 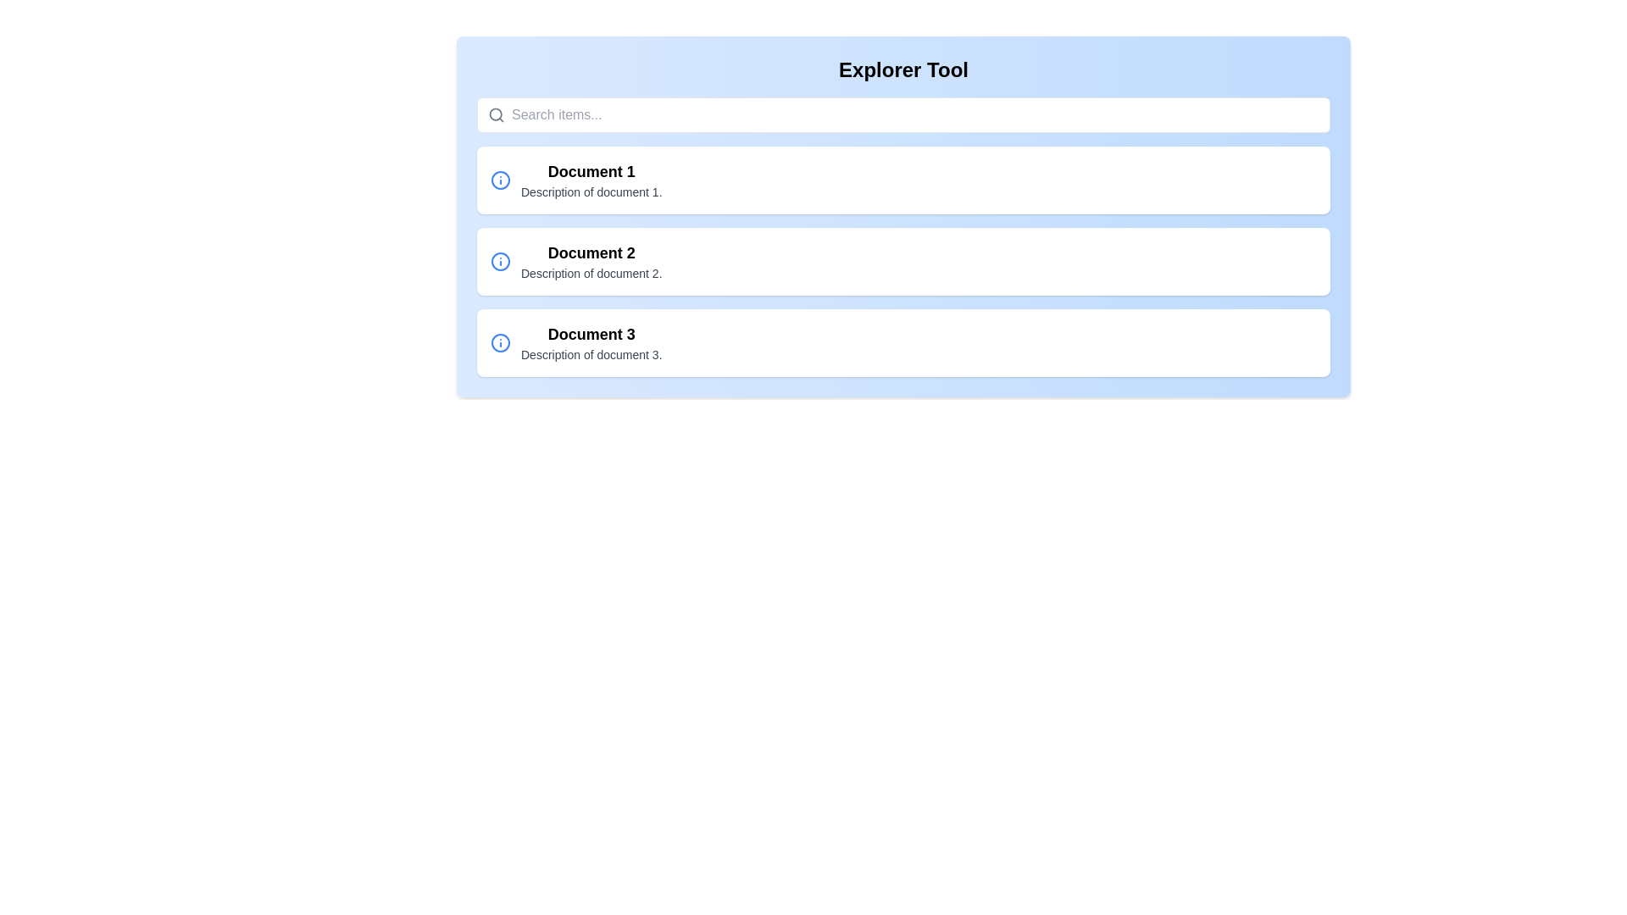 What do you see at coordinates (591, 191) in the screenshot?
I see `text label displaying 'Description of document 1.' located below the title 'Document 1.' in the first document card` at bounding box center [591, 191].